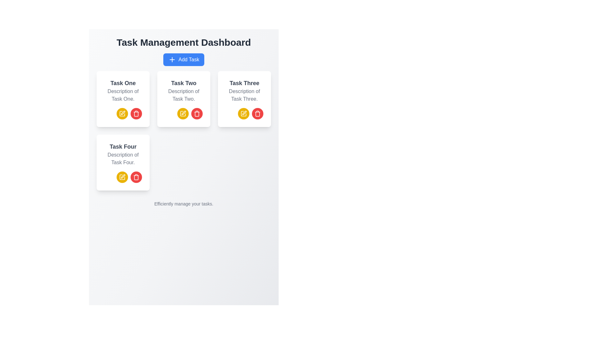 Image resolution: width=610 pixels, height=343 pixels. Describe the element at coordinates (258, 113) in the screenshot. I see `the circular red button with a trash can icon located at the bottom-right corner of the 'Task Three' card` at that location.